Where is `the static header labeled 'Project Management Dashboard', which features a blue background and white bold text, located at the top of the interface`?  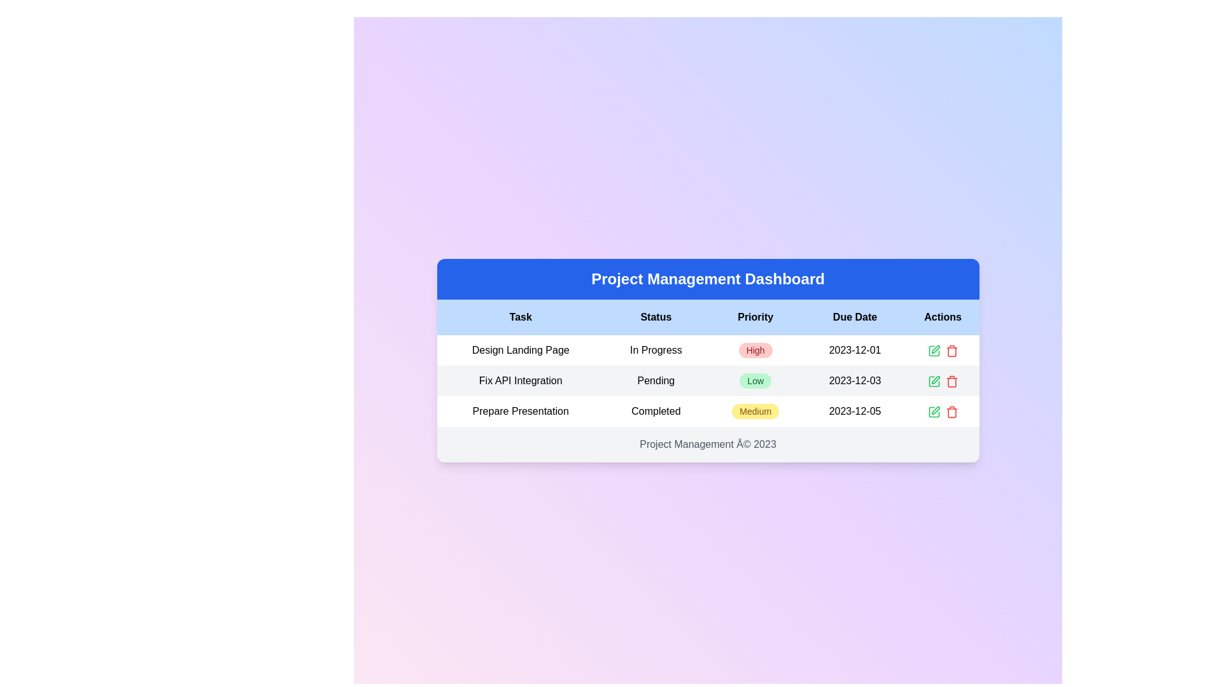
the static header labeled 'Project Management Dashboard', which features a blue background and white bold text, located at the top of the interface is located at coordinates (707, 279).